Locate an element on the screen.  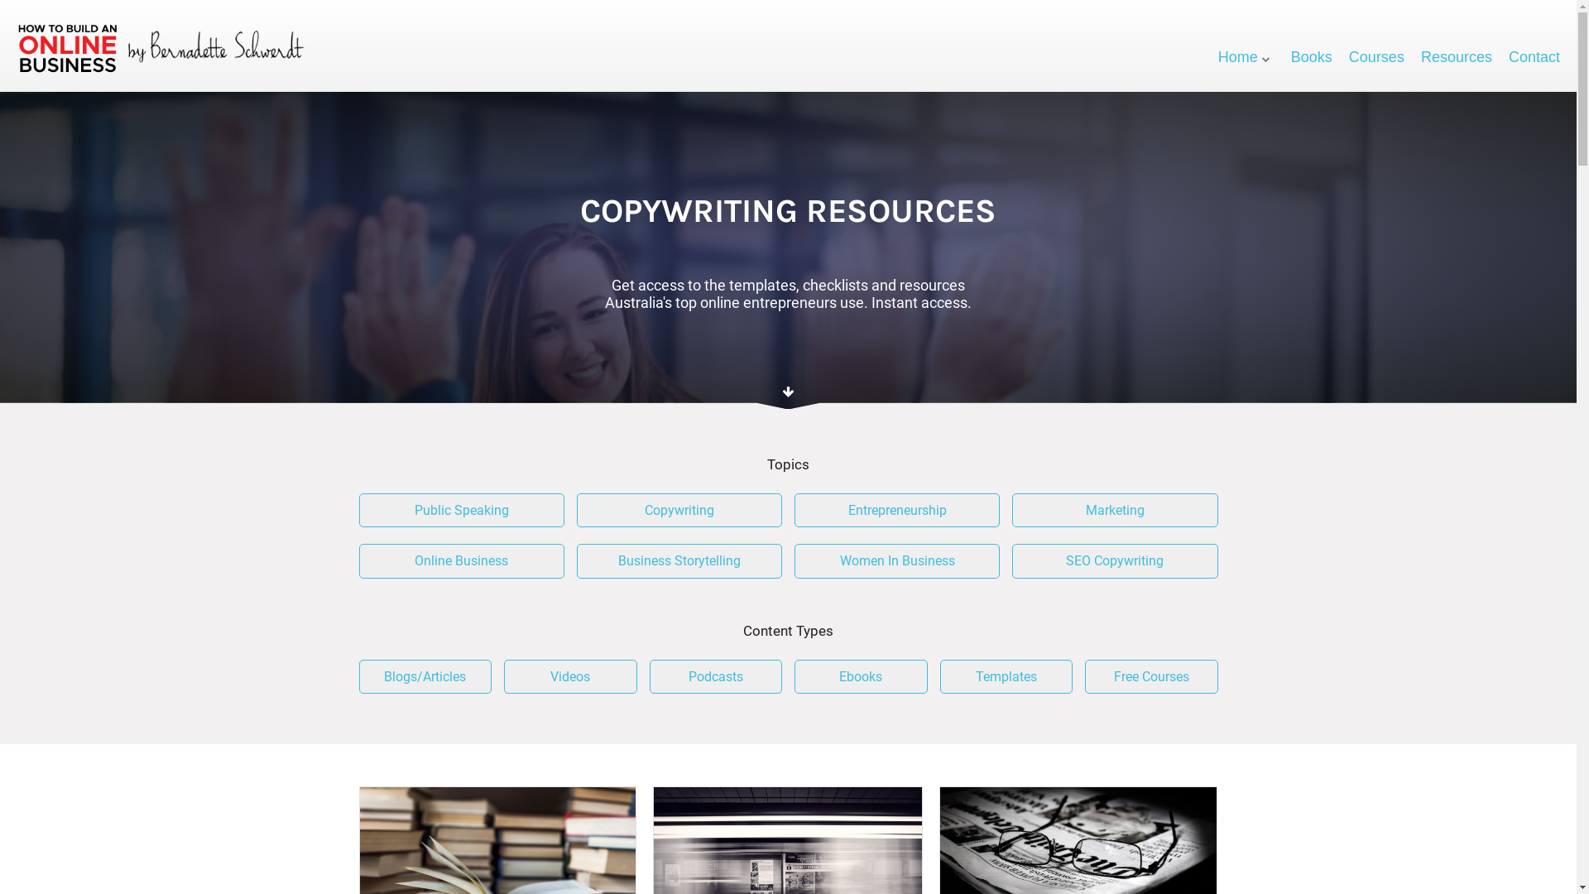
'Public Speaking' is located at coordinates (461, 510).